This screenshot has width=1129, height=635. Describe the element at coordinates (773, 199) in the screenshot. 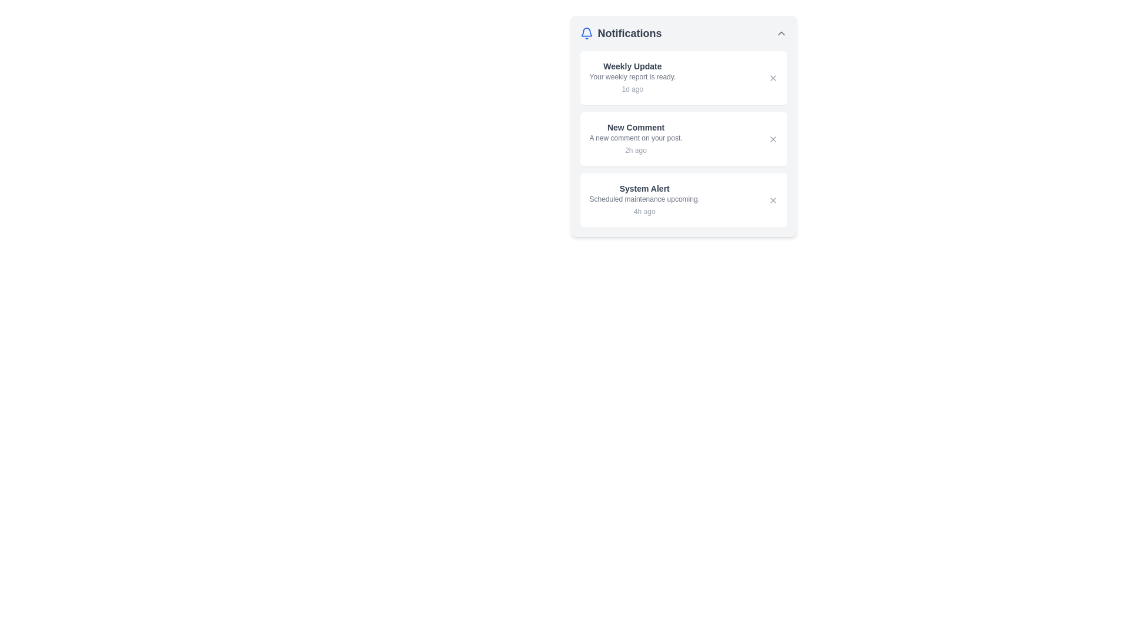

I see `the close button, which is a small gray 'X' icon located at the top right corner of the 'System Alert' notification item in the notification panel, to trigger the hover effect` at that location.